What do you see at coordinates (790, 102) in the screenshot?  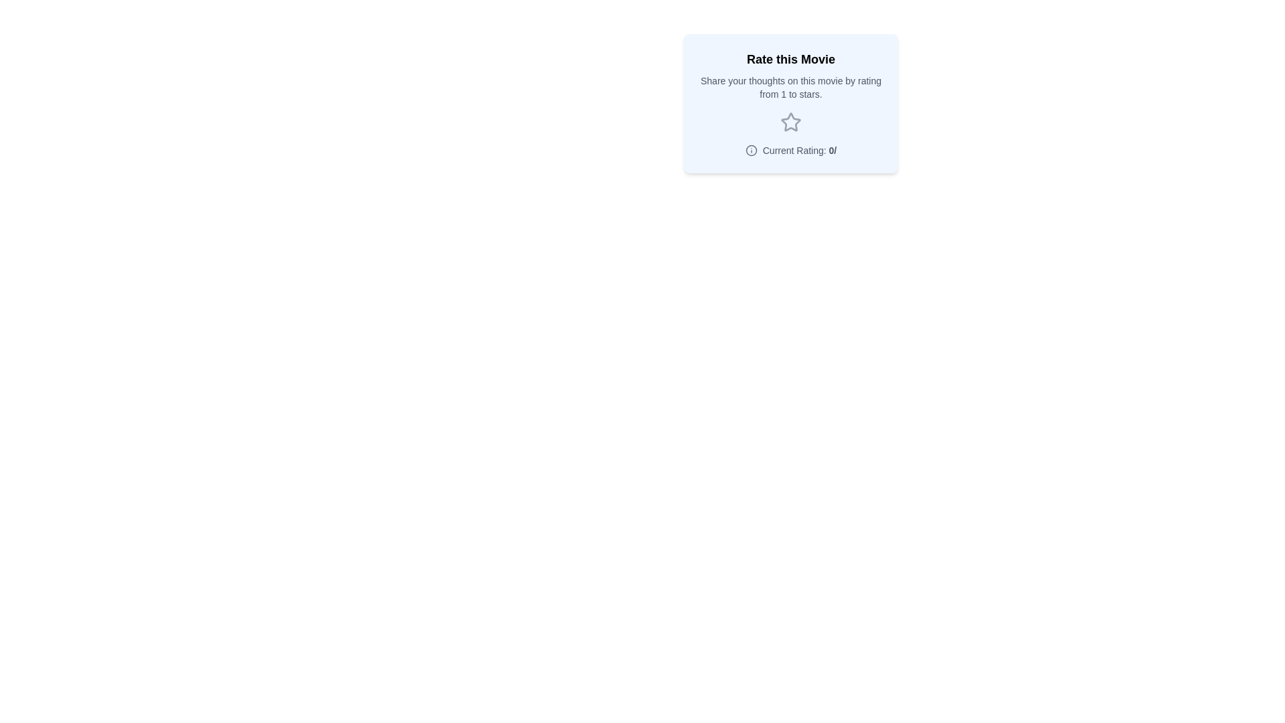 I see `contents of the Rating component titled 'Rate this Movie', which includes the rating stars and current rating information` at bounding box center [790, 102].